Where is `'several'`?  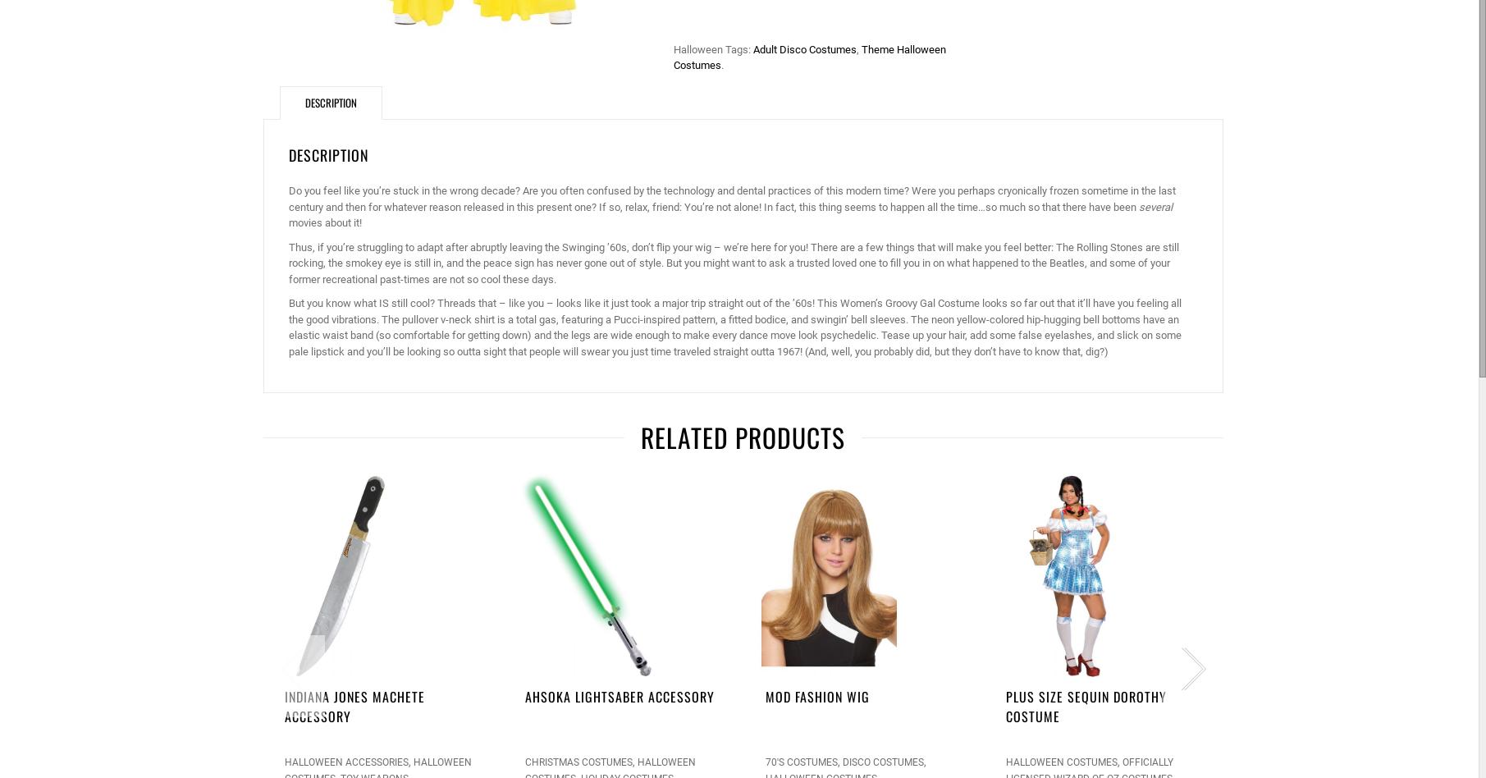
'several' is located at coordinates (1154, 206).